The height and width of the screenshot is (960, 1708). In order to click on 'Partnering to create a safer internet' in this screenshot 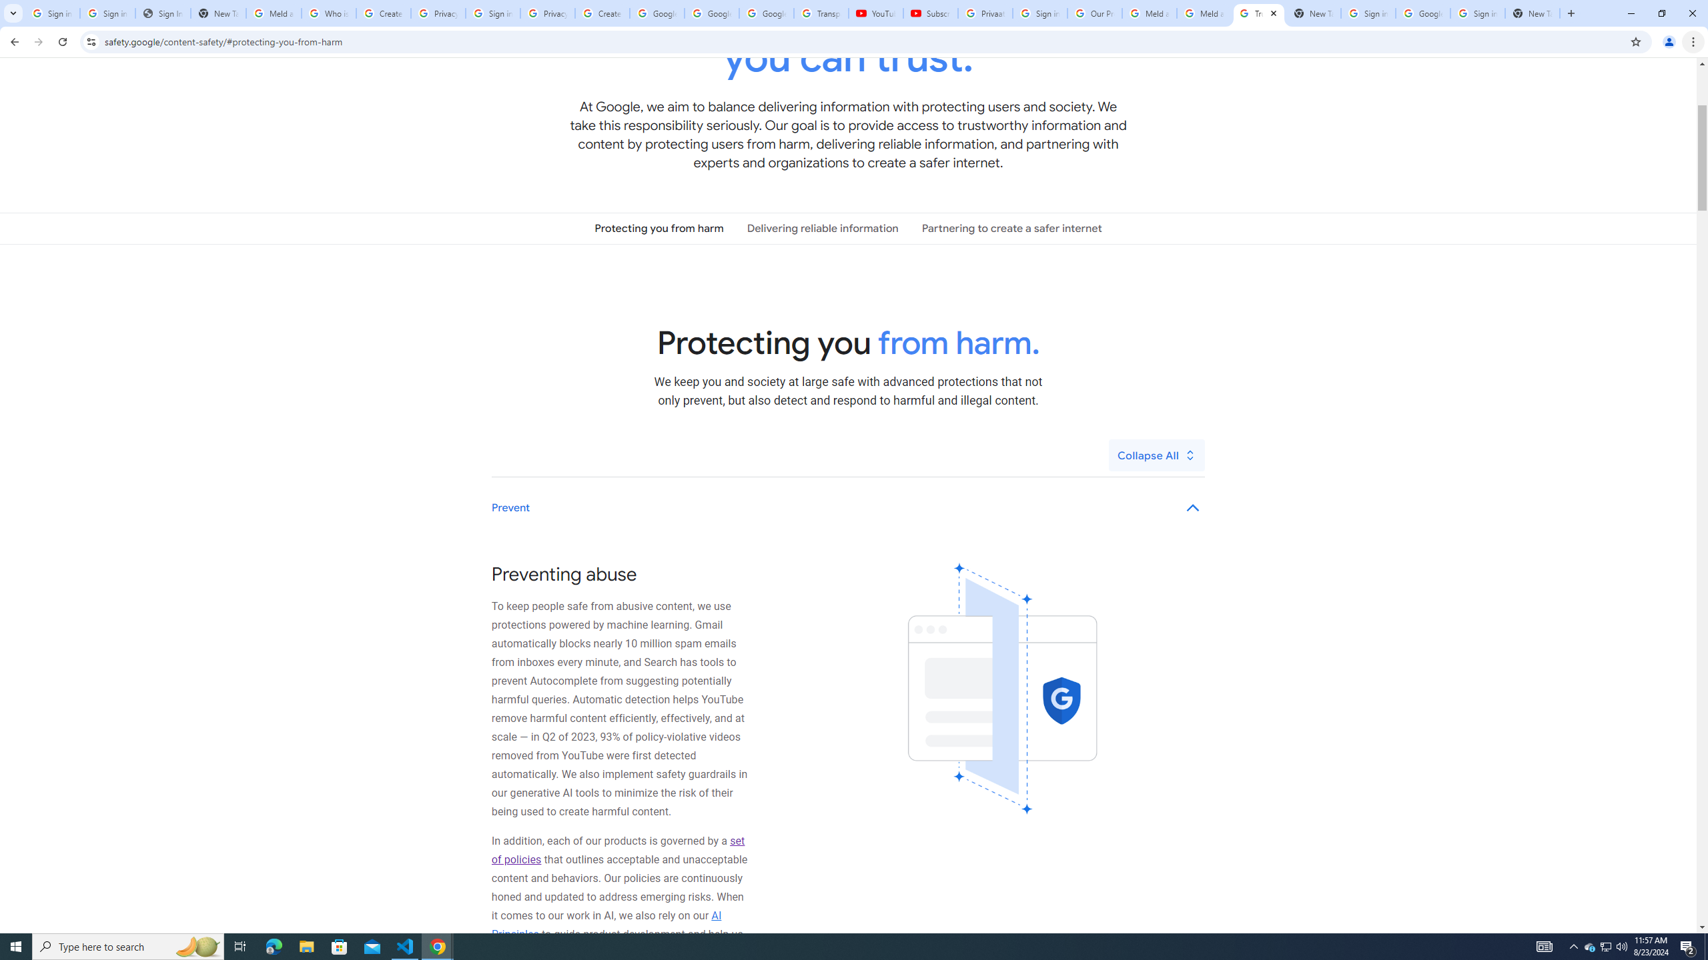, I will do `click(1011, 227)`.